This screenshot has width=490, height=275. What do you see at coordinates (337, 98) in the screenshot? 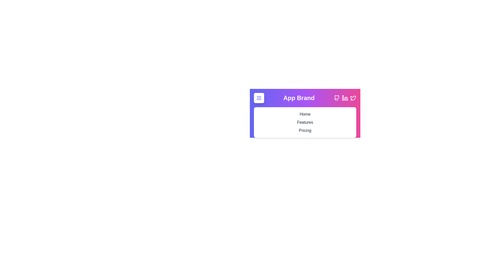
I see `the social media button for GitHub` at bounding box center [337, 98].